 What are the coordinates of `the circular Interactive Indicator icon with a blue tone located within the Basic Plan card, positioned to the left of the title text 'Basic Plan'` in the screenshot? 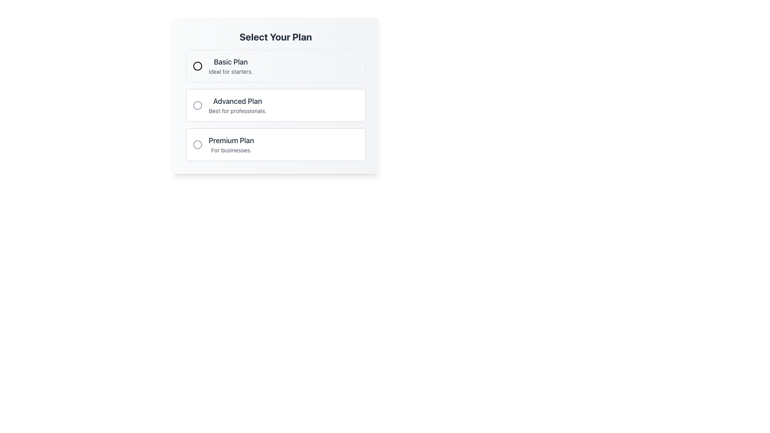 It's located at (197, 66).